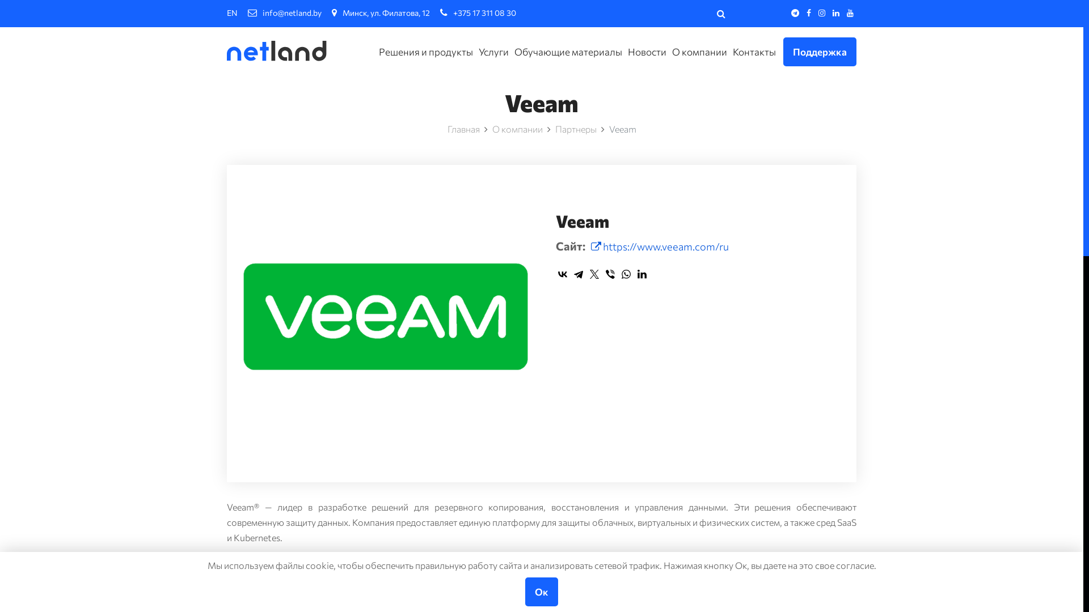 The width and height of the screenshot is (1089, 612). Describe the element at coordinates (609, 274) in the screenshot. I see `'Viber'` at that location.